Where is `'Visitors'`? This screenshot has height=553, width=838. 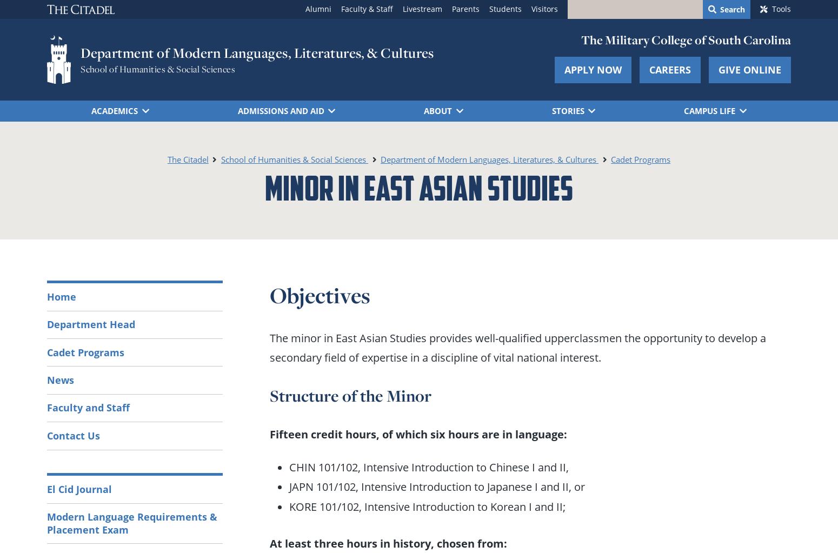 'Visitors' is located at coordinates (543, 9).